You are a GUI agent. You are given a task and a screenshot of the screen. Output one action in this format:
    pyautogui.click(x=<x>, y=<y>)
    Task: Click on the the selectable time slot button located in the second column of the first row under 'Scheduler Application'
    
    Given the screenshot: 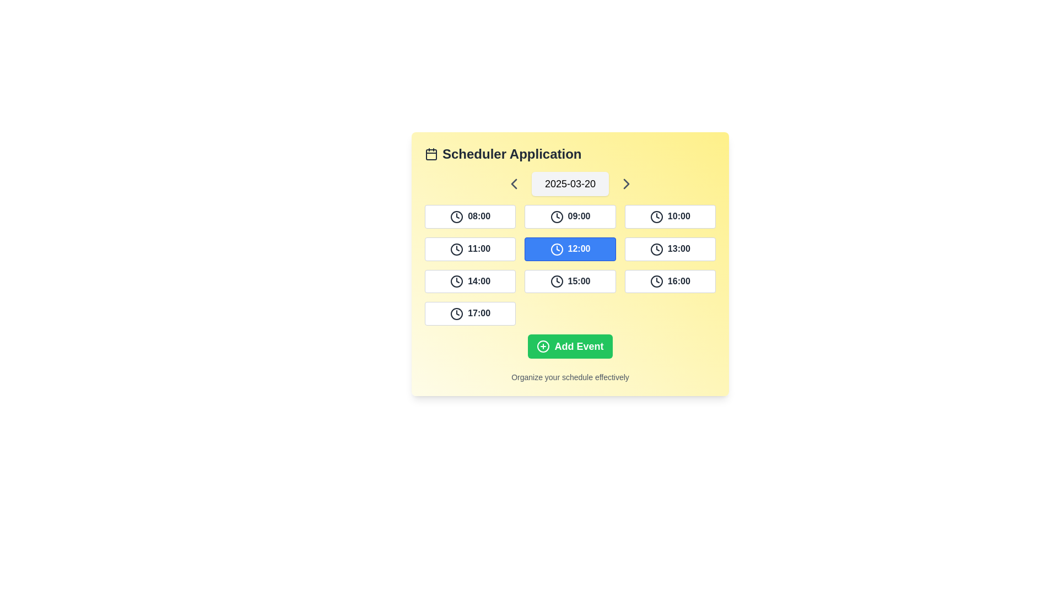 What is the action you would take?
    pyautogui.click(x=570, y=217)
    